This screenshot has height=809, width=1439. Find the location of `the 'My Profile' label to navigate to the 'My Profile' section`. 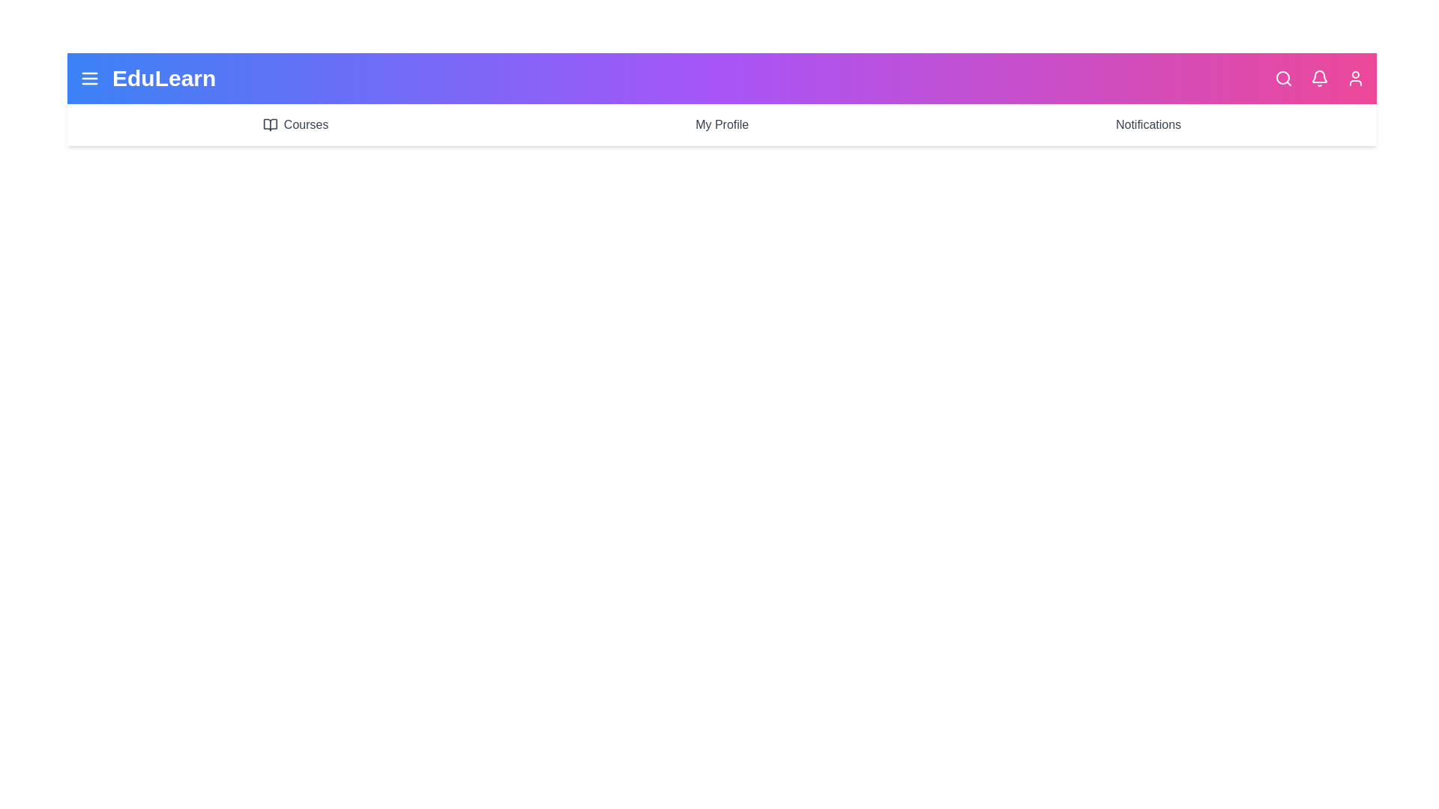

the 'My Profile' label to navigate to the 'My Profile' section is located at coordinates (722, 124).